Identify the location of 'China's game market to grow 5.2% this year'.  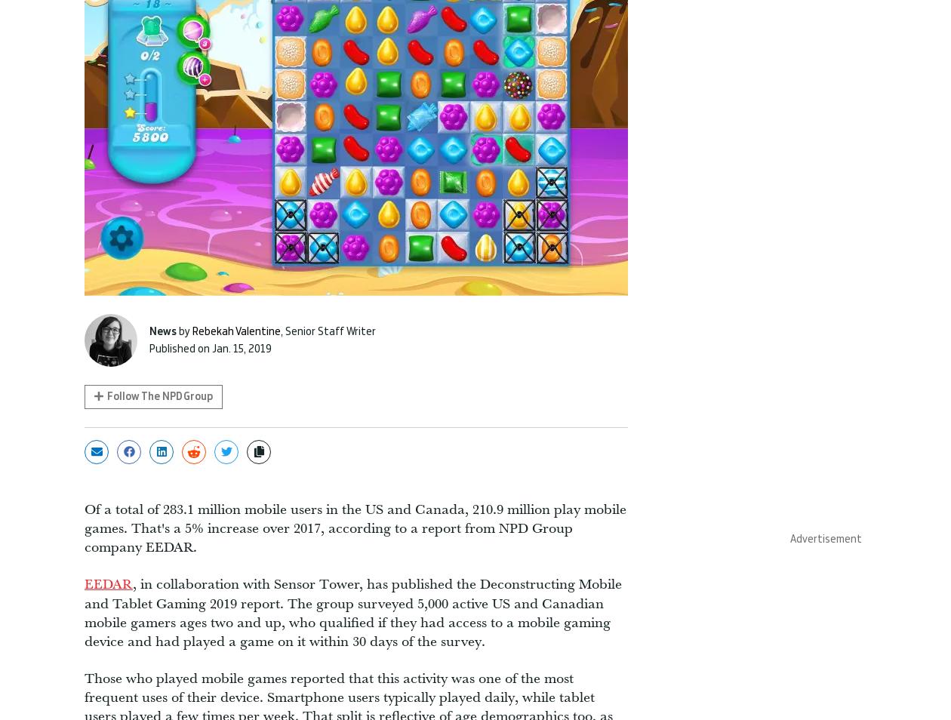
(779, 67).